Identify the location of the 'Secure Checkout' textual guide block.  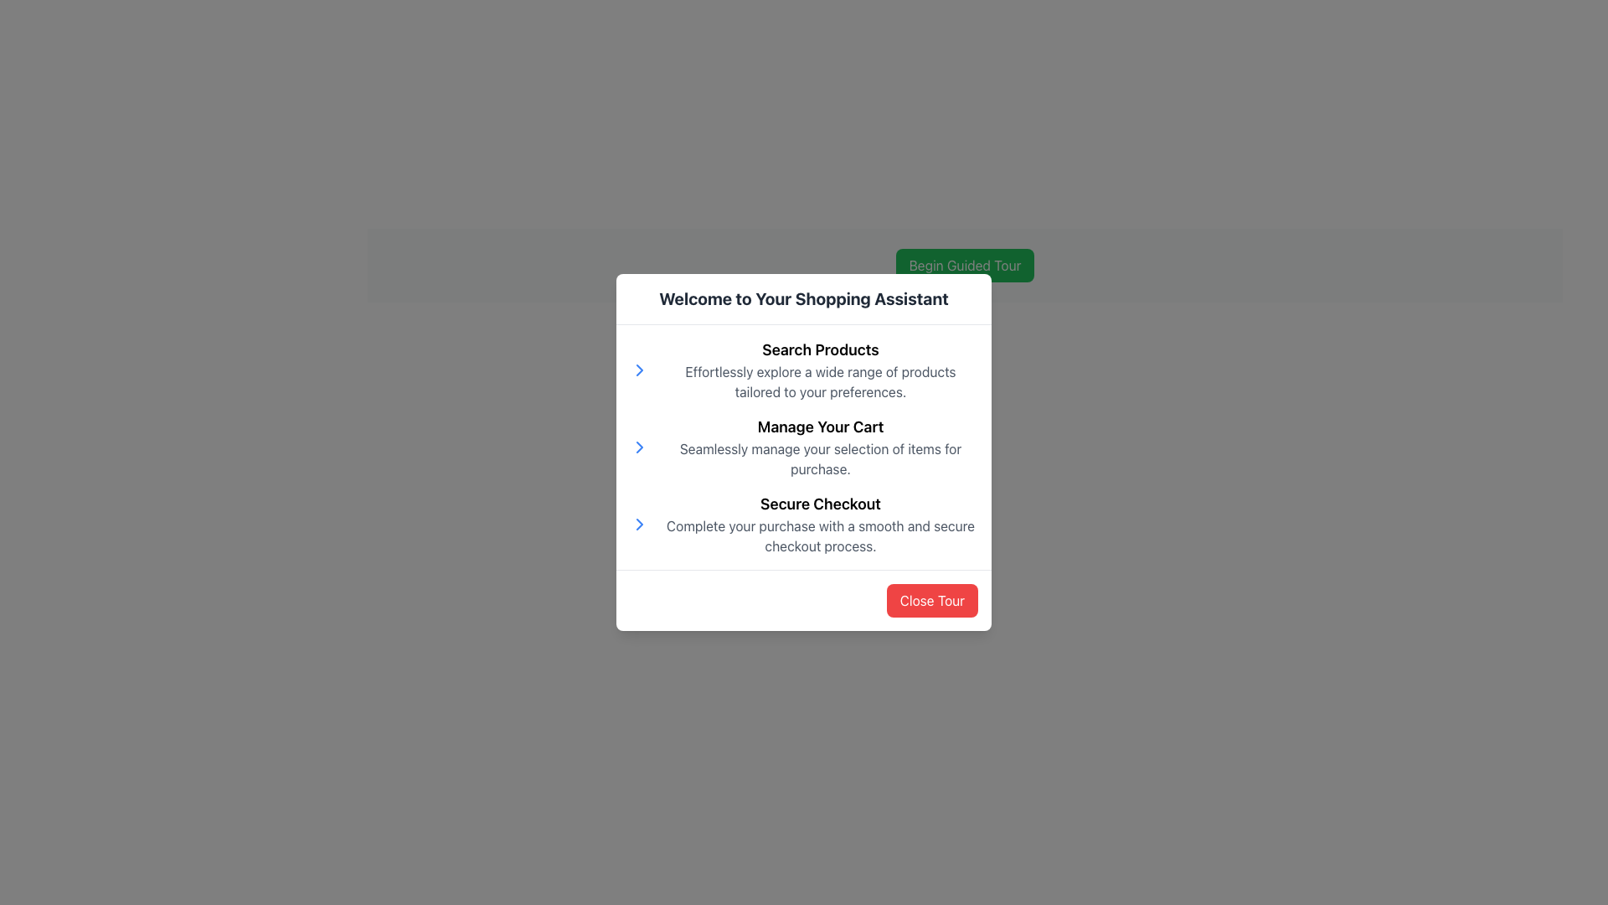
(804, 523).